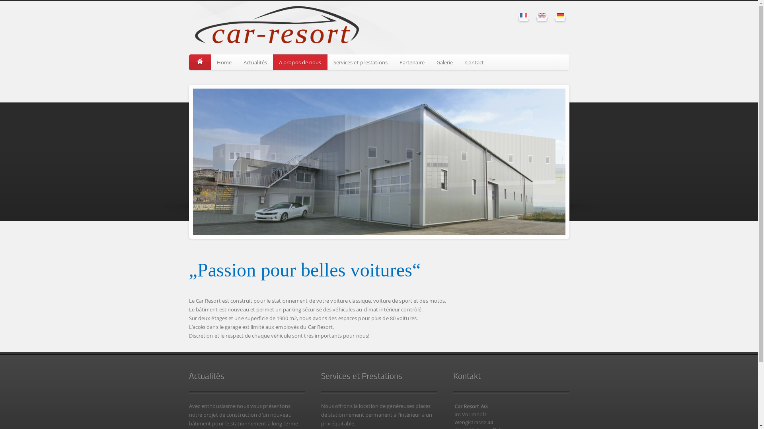  What do you see at coordinates (541, 15) in the screenshot?
I see `'English (UK)'` at bounding box center [541, 15].